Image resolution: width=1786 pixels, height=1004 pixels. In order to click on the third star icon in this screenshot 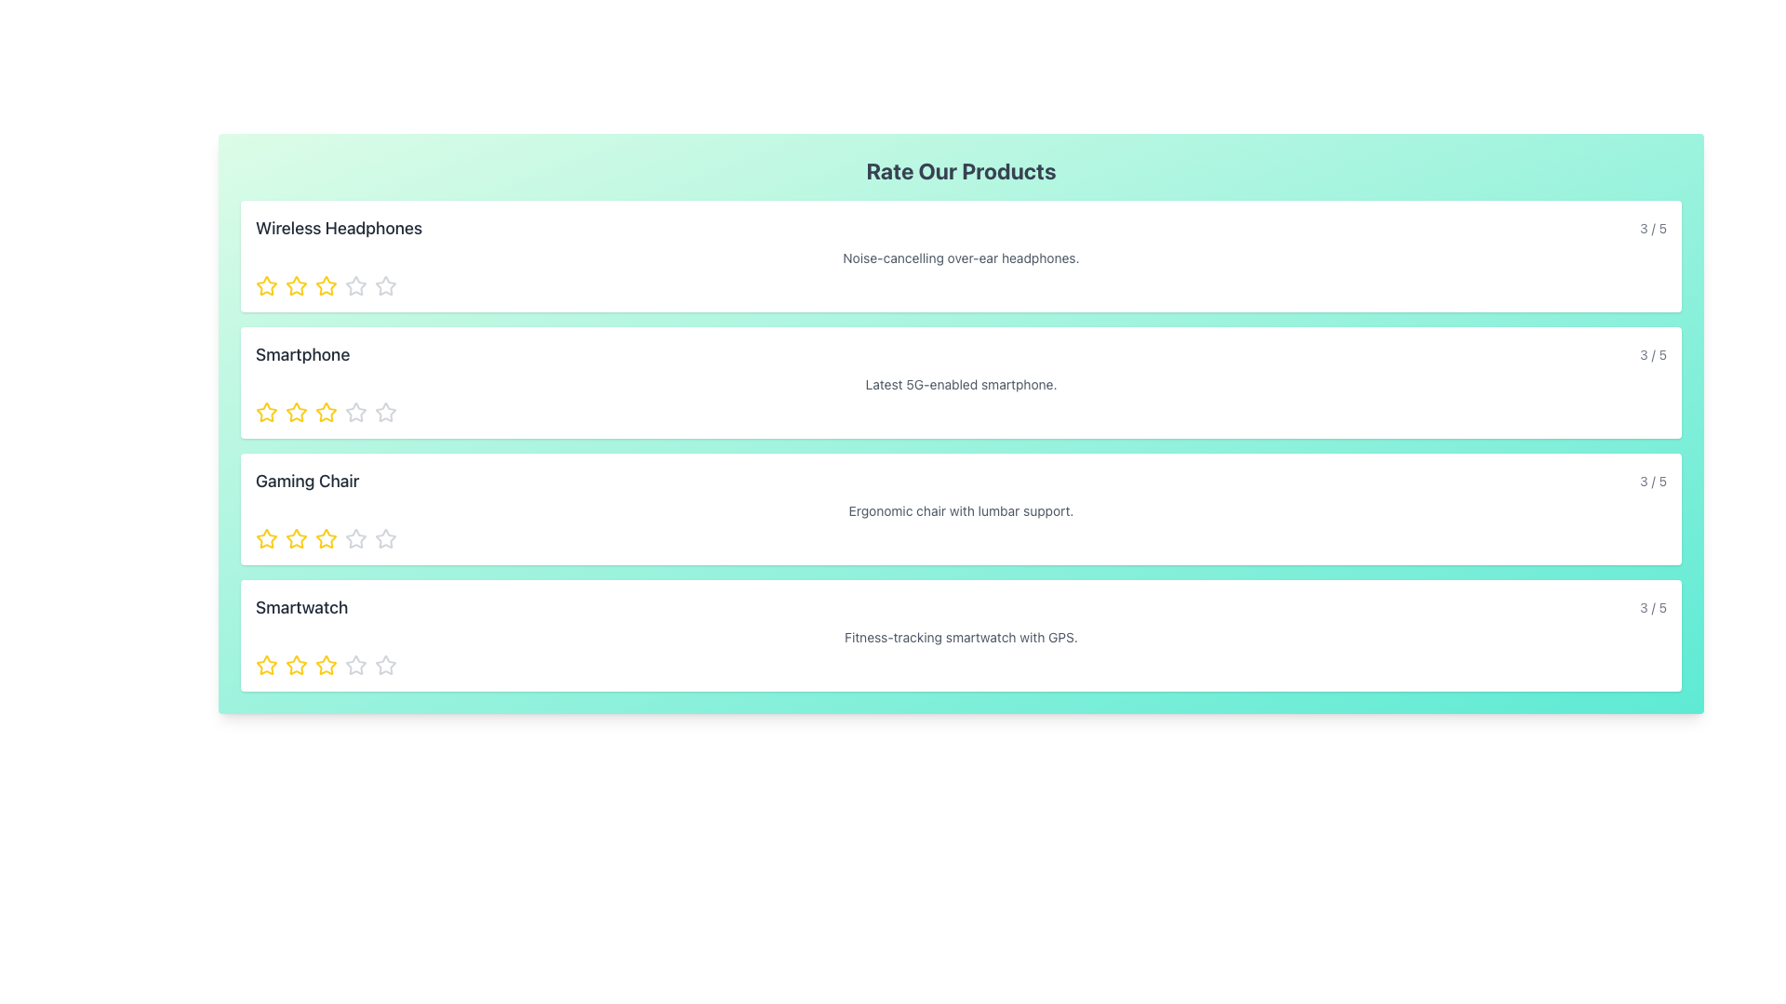, I will do `click(326, 538)`.